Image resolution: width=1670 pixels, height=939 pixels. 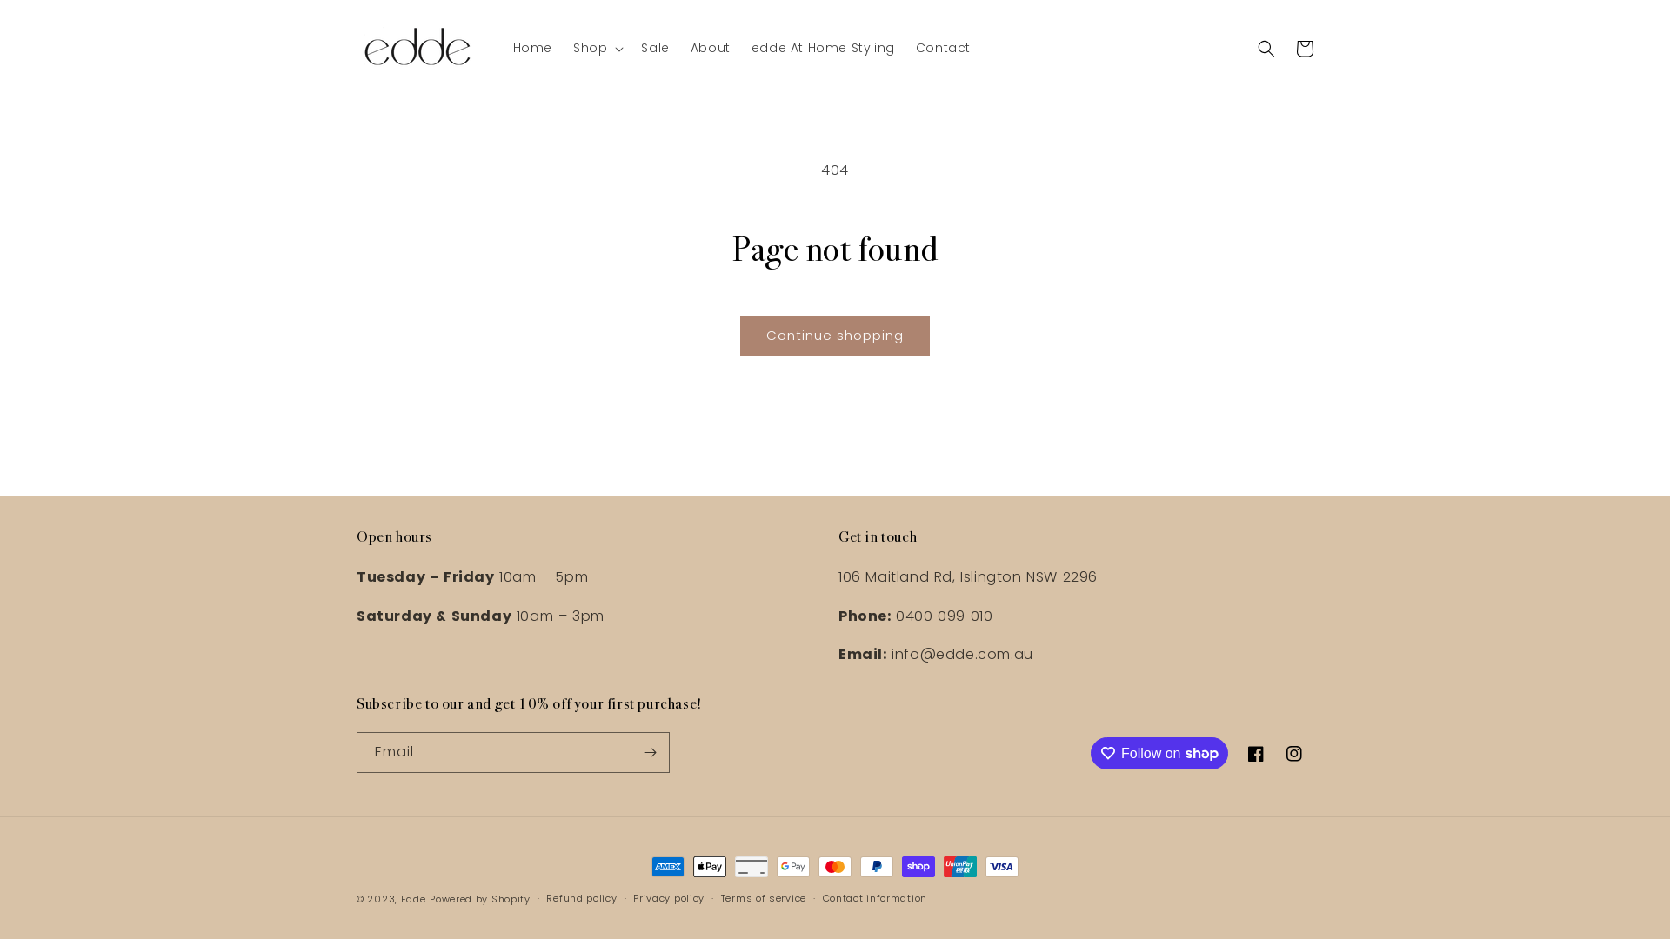 What do you see at coordinates (835, 336) in the screenshot?
I see `'Continue shopping'` at bounding box center [835, 336].